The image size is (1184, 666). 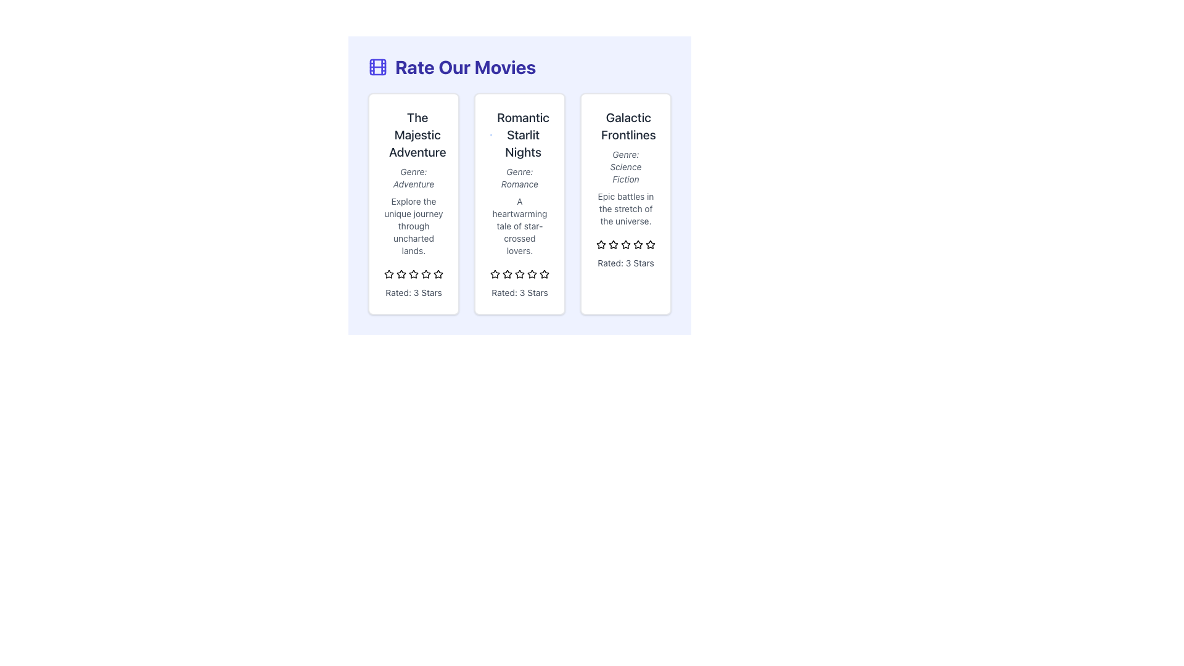 I want to click on the bold text headline that reads 'Rate Our Movies', which is prominently displayed at the top-center of the interface, slightly to the right of a small indigo film strip icon, so click(x=465, y=67).